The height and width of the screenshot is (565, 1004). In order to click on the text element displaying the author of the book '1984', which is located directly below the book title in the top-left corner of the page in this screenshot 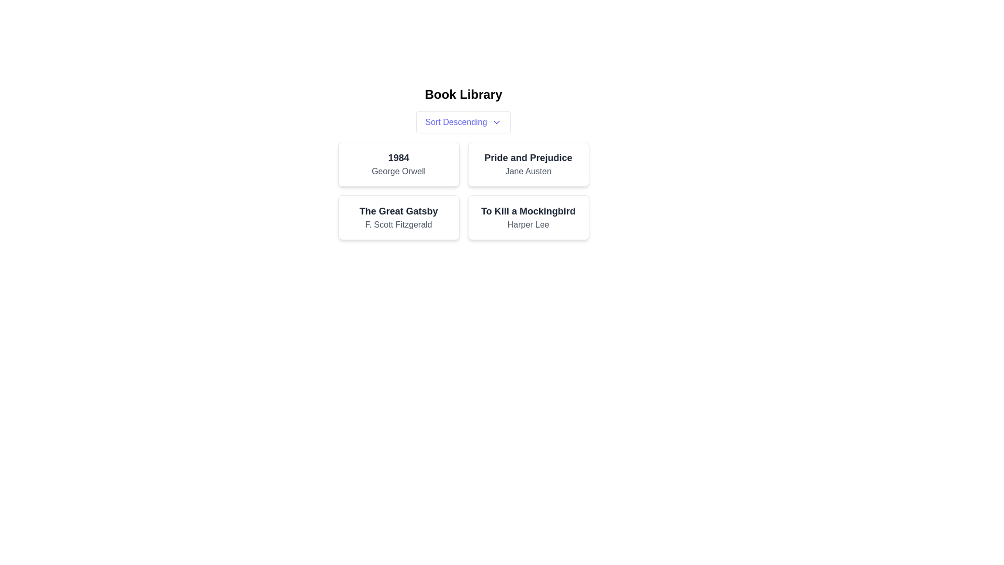, I will do `click(398, 171)`.